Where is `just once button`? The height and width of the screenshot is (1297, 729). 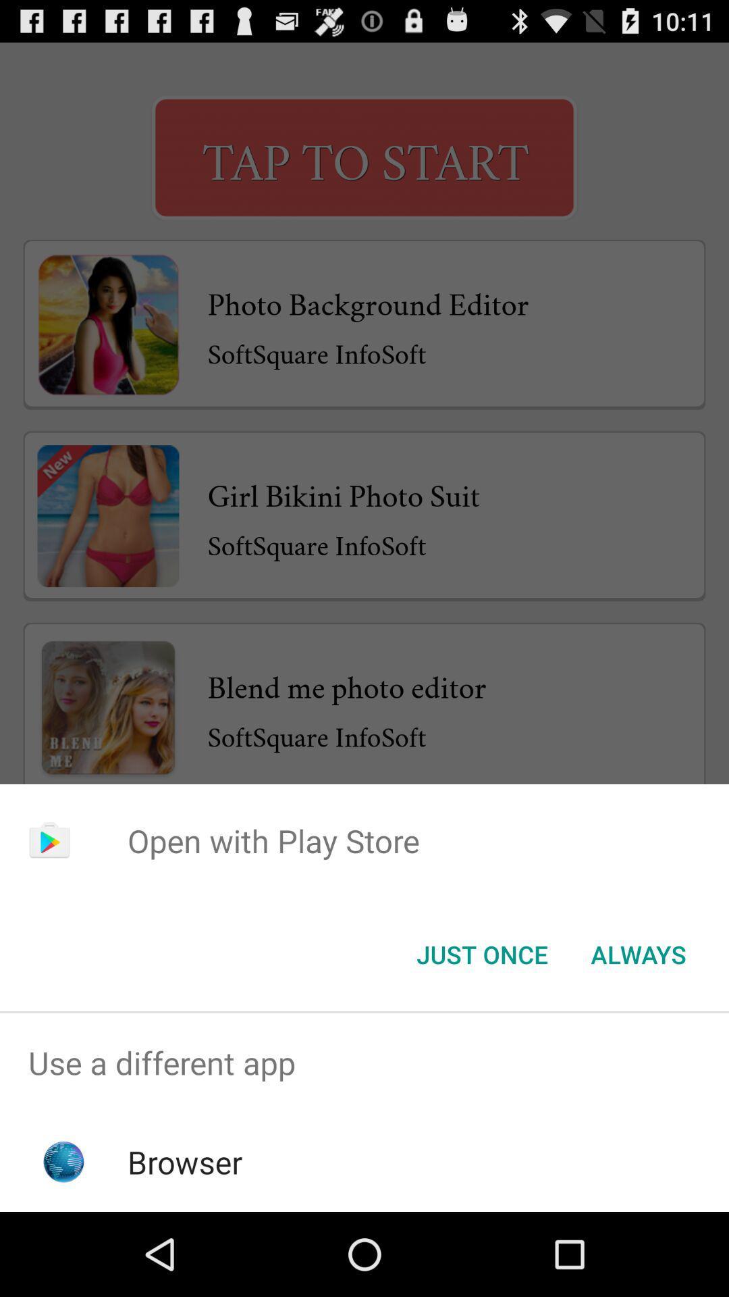
just once button is located at coordinates (481, 953).